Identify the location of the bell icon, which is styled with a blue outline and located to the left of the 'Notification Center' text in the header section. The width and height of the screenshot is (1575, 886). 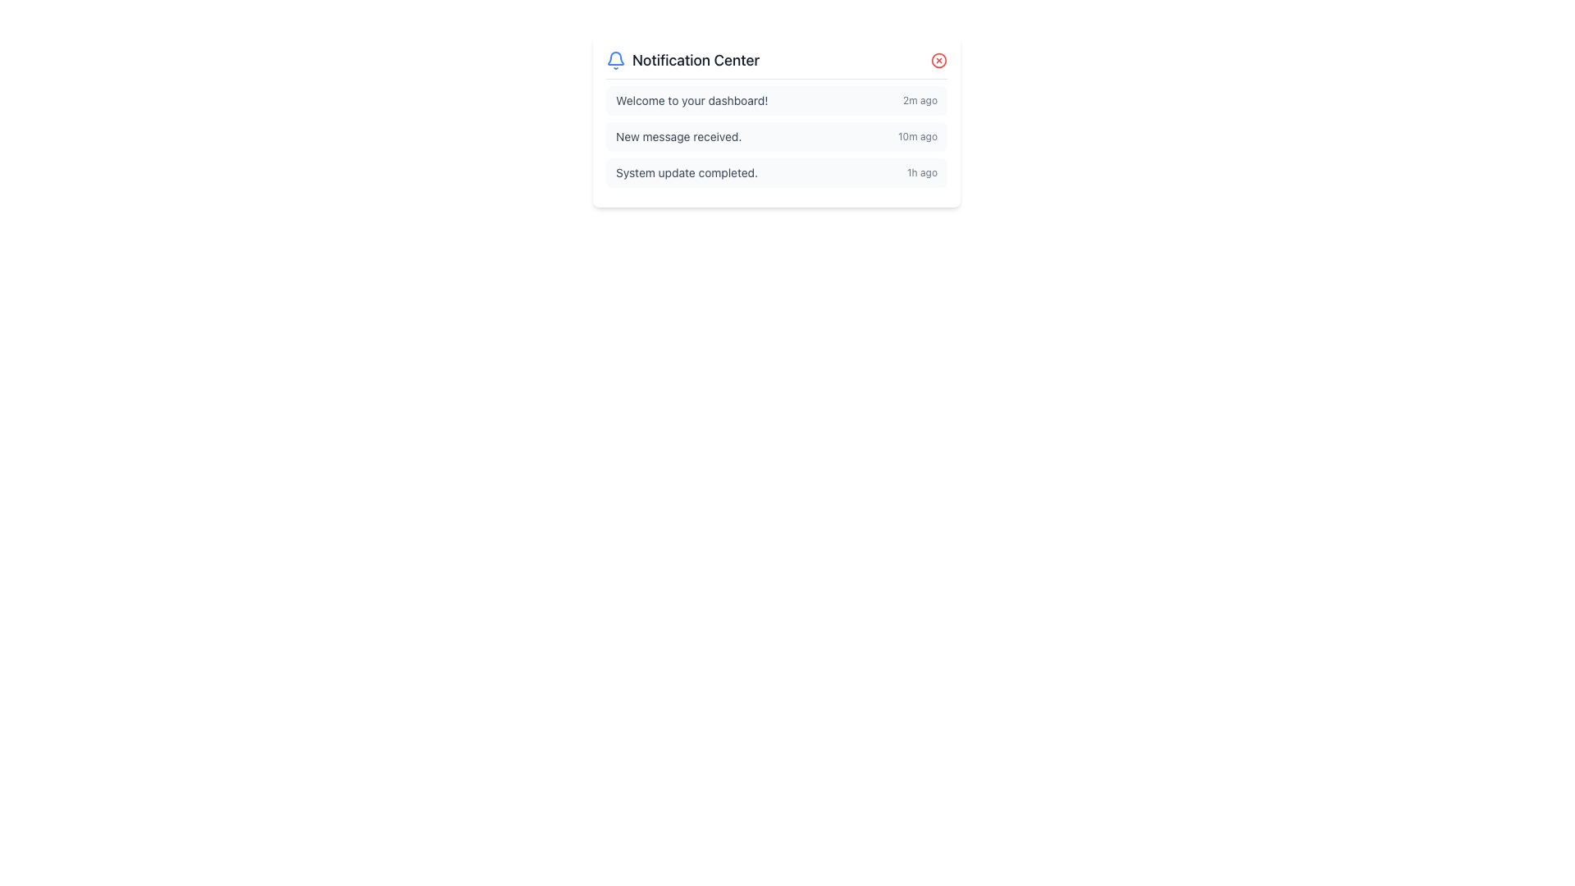
(614, 59).